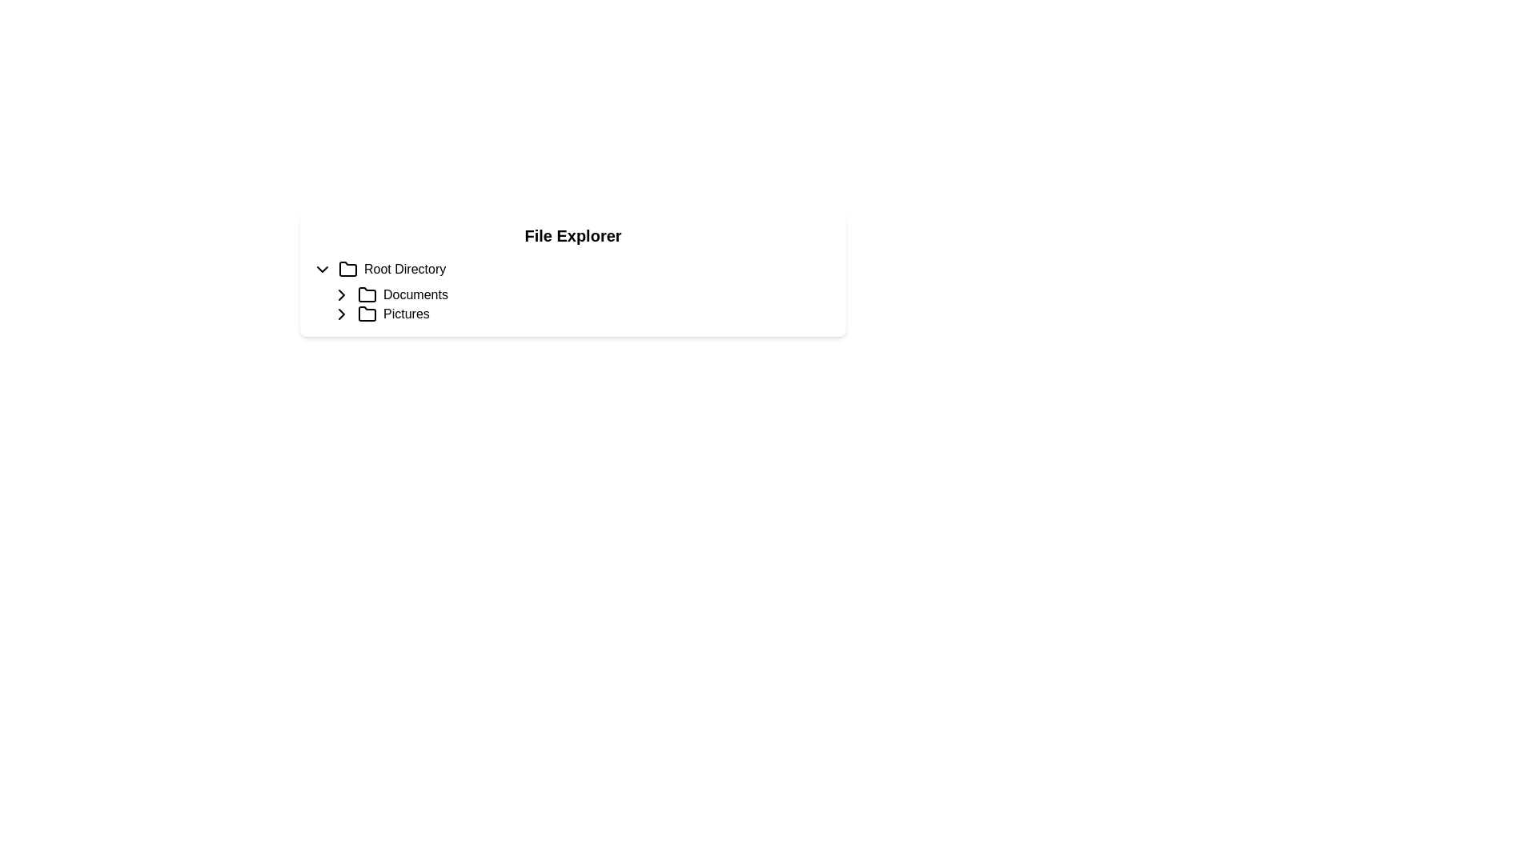  What do you see at coordinates (406, 314) in the screenshot?
I see `the text label displaying 'Pictures', which is styled in black and part of a file explorer interface` at bounding box center [406, 314].